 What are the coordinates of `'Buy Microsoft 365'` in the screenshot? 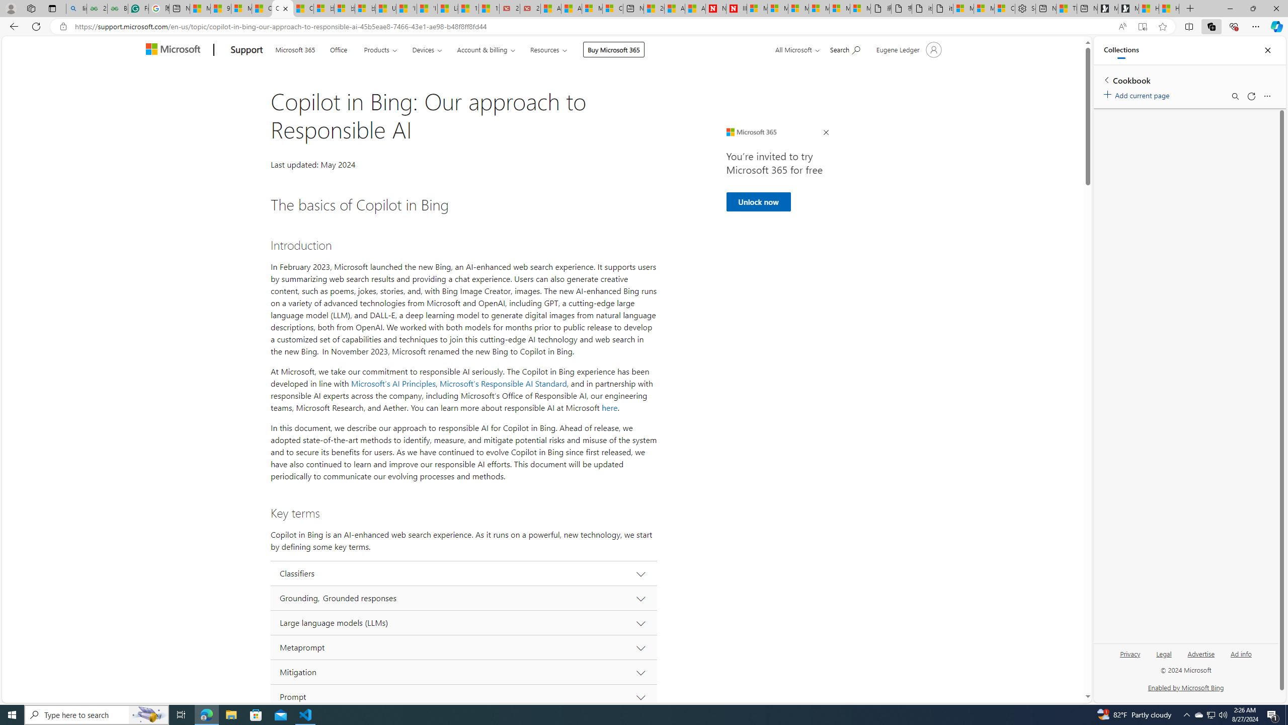 It's located at (613, 49).